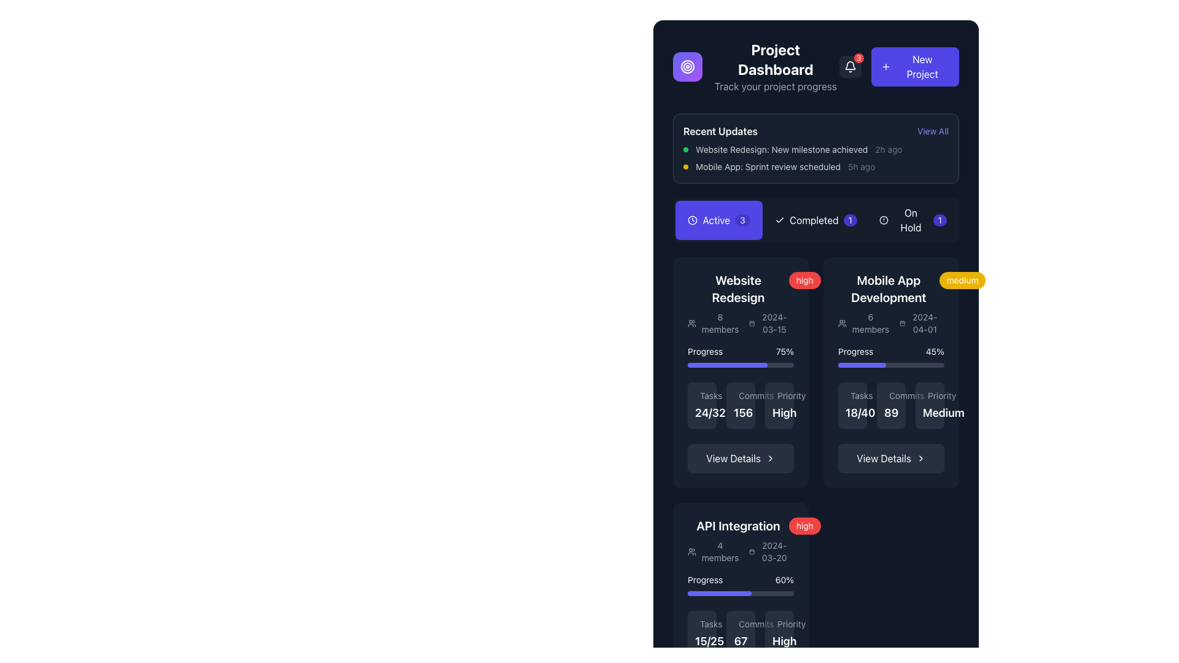  I want to click on the star-shaped SVG icon representing a rating feature, located next to the 'Priority' label that reads 'Medium' in the 'Mobile App Development' section, so click(930, 398).